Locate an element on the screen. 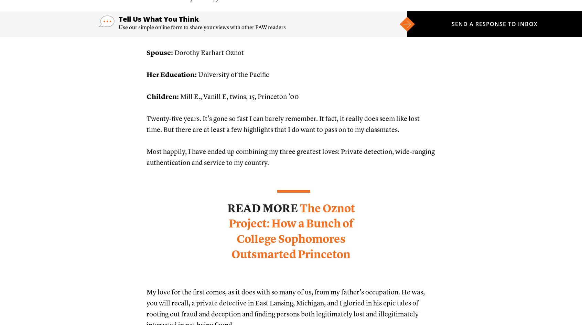  'Dorothy Earhart Oznot' is located at coordinates (208, 53).